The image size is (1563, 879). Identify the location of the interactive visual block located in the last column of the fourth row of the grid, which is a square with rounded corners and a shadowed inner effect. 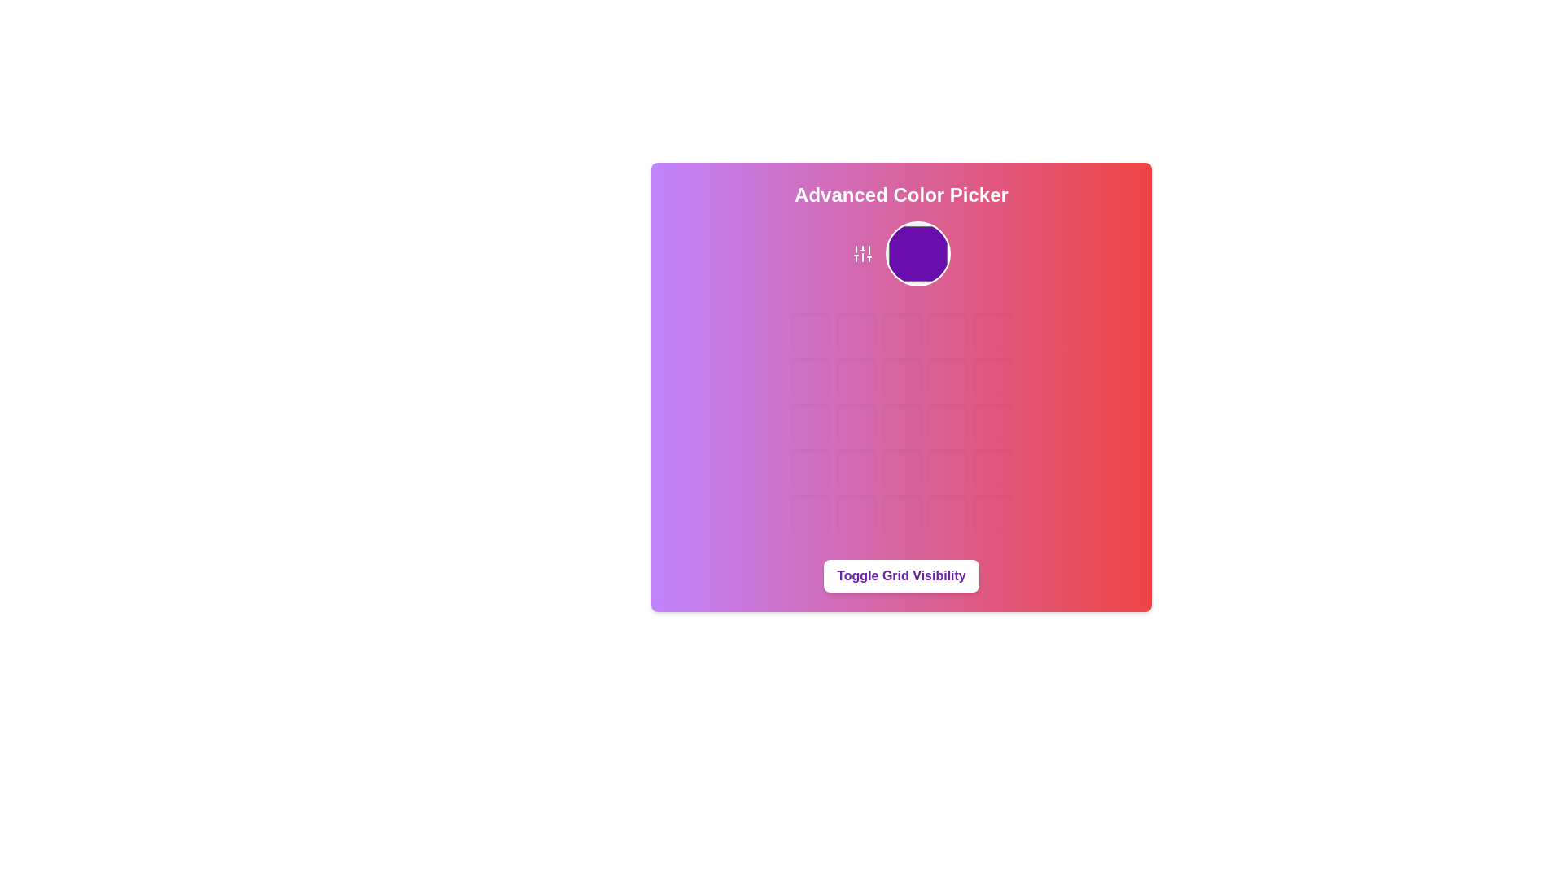
(992, 468).